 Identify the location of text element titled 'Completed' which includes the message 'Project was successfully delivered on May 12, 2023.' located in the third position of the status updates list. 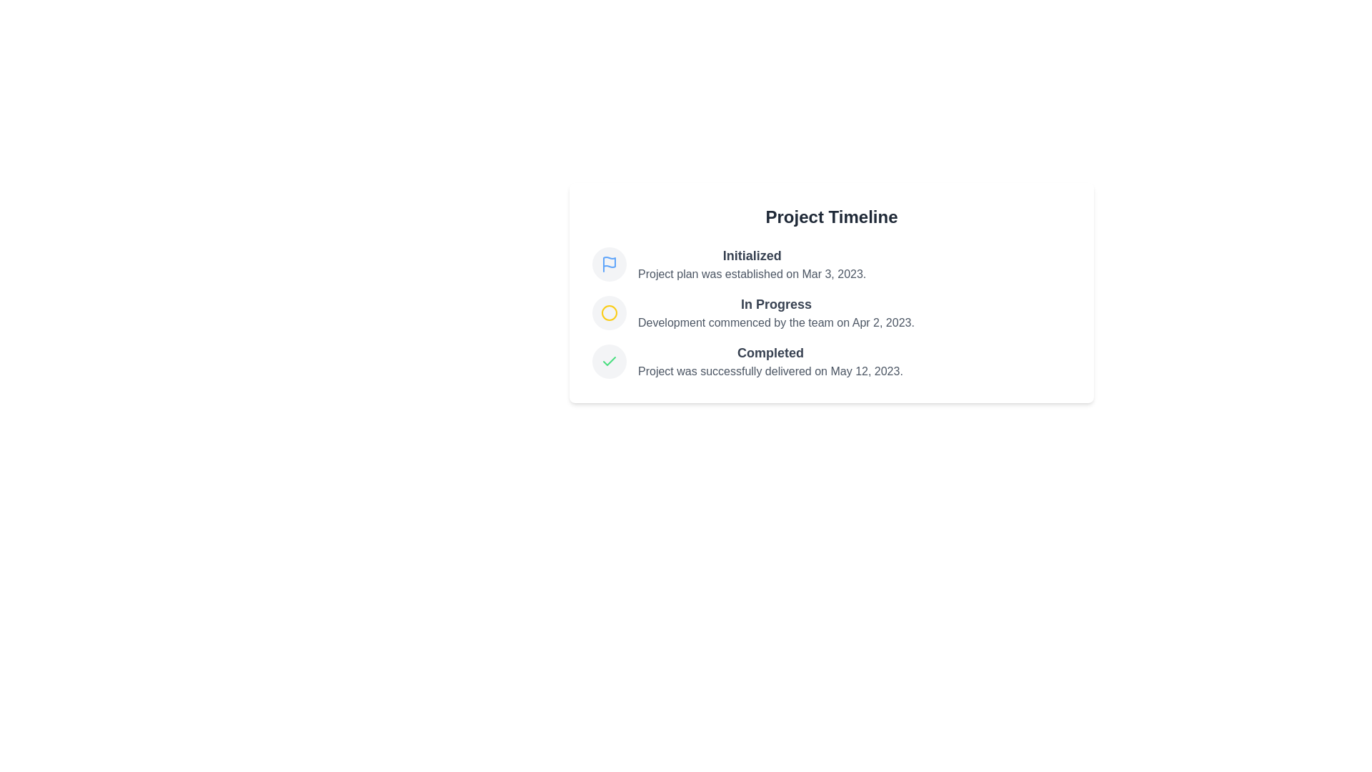
(831, 360).